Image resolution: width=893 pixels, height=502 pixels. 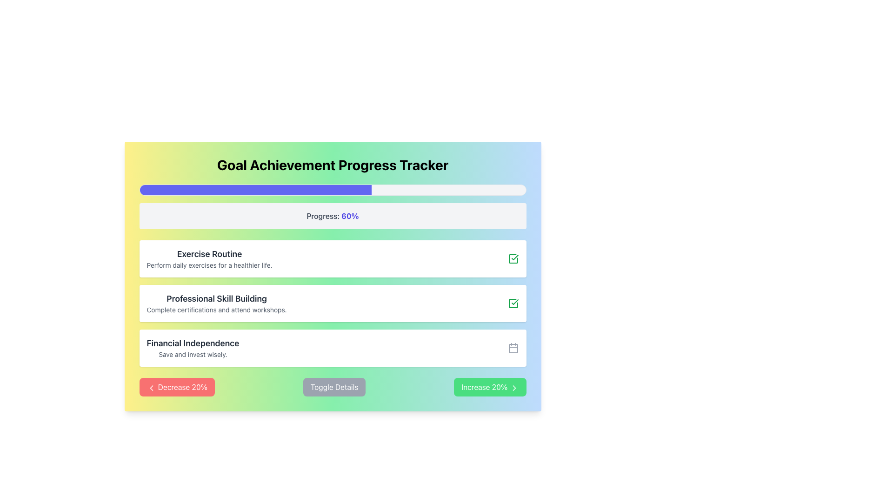 I want to click on the small green checkmark icon located within the goal tracker interface, near the label 'Exercise Routine.', so click(x=514, y=302).